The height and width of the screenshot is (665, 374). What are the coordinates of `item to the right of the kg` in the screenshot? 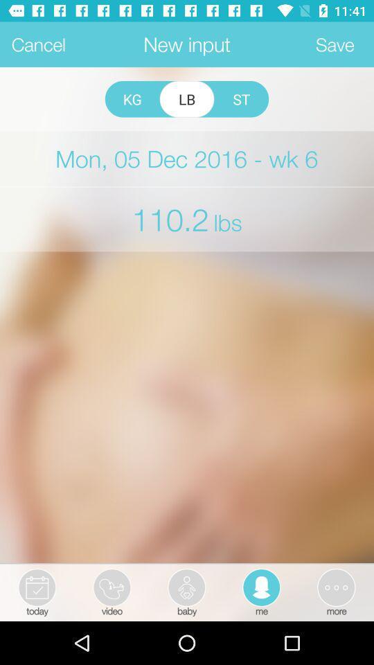 It's located at (187, 98).